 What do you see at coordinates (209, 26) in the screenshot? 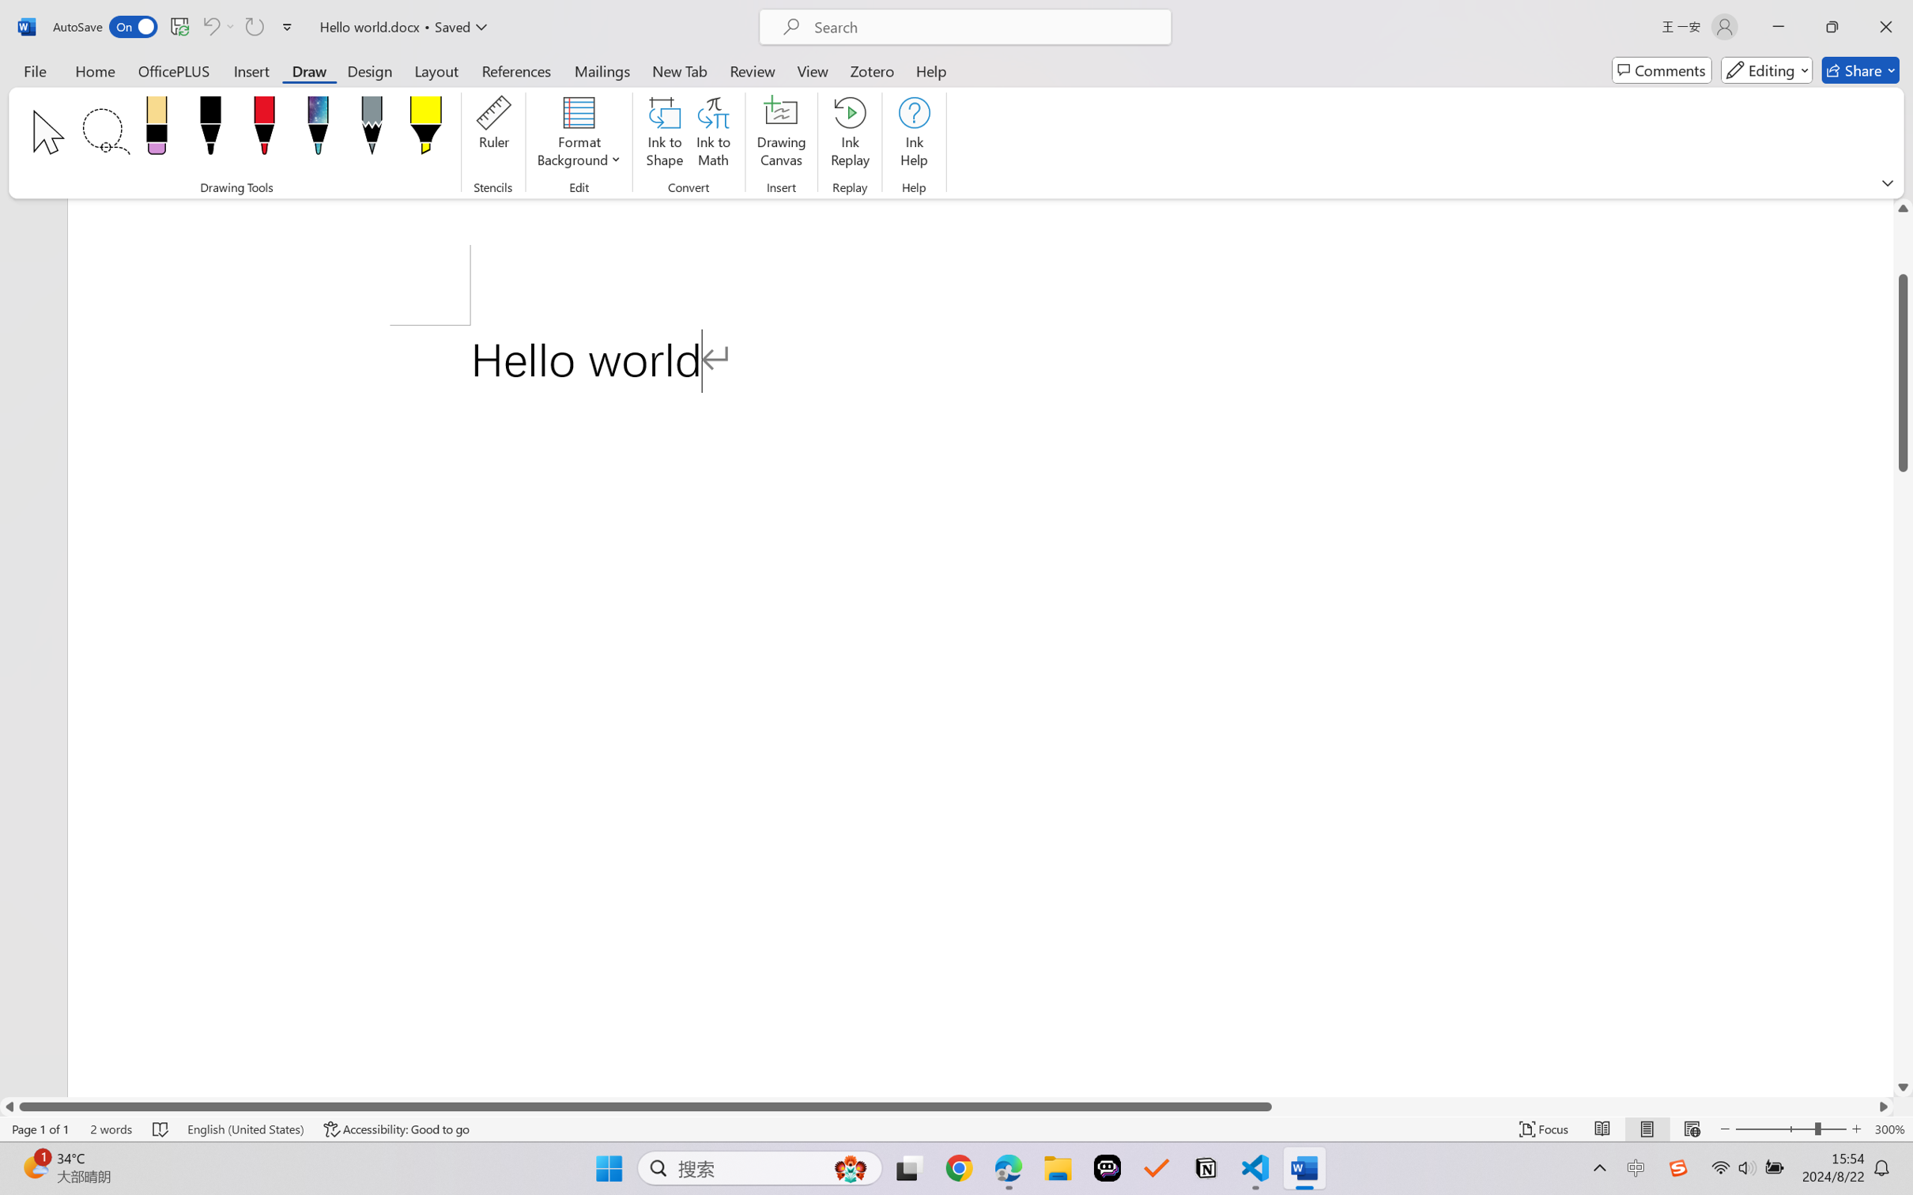
I see `'Can'` at bounding box center [209, 26].